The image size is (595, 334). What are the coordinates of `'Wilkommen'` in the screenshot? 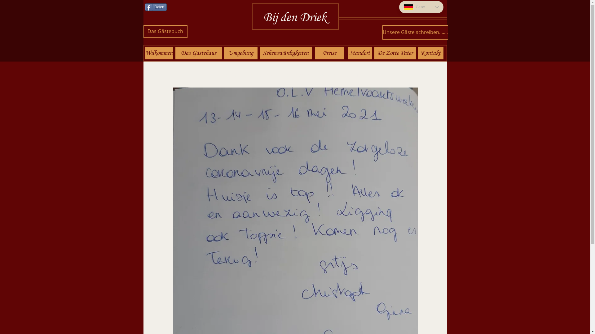 It's located at (159, 53).